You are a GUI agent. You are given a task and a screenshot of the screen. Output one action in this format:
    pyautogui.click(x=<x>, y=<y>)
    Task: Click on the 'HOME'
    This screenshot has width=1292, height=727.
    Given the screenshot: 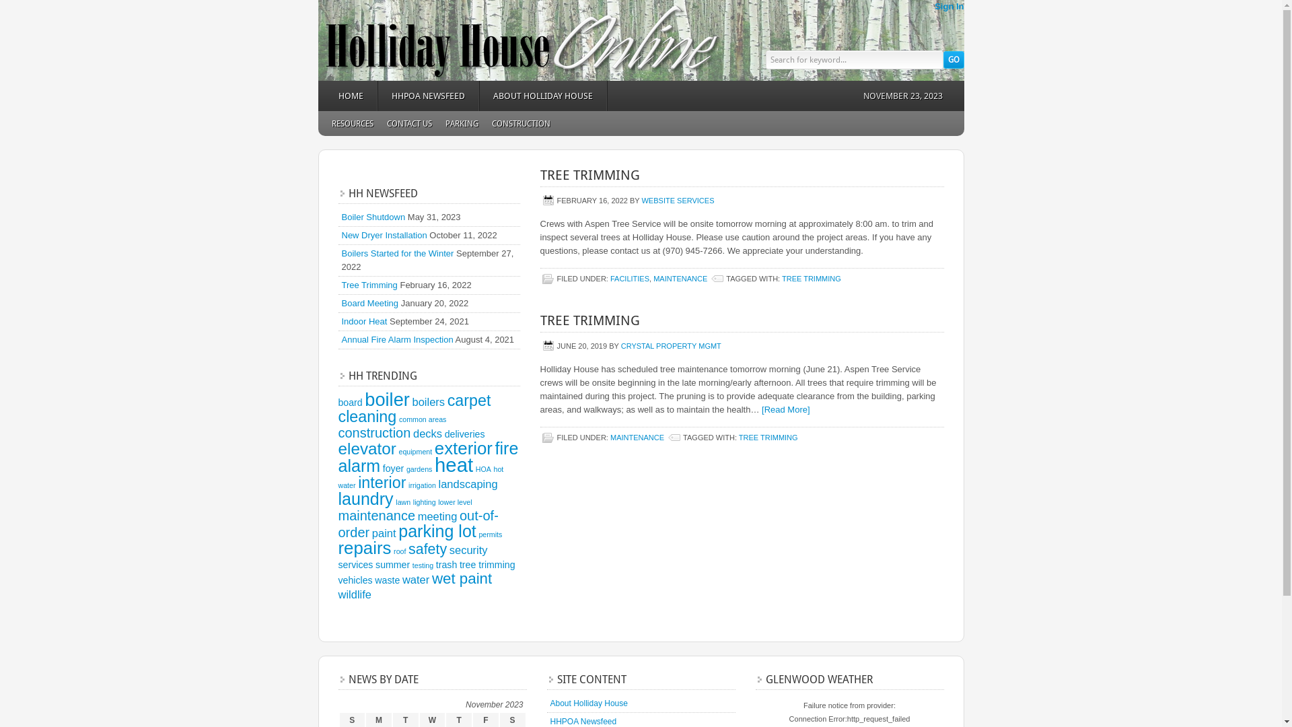 What is the action you would take?
    pyautogui.click(x=351, y=95)
    